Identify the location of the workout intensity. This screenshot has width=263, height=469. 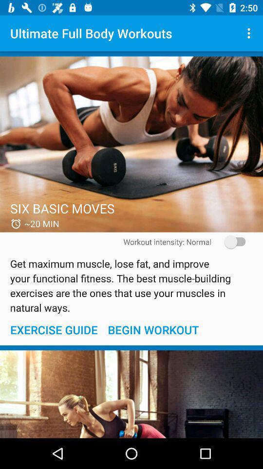
(231, 241).